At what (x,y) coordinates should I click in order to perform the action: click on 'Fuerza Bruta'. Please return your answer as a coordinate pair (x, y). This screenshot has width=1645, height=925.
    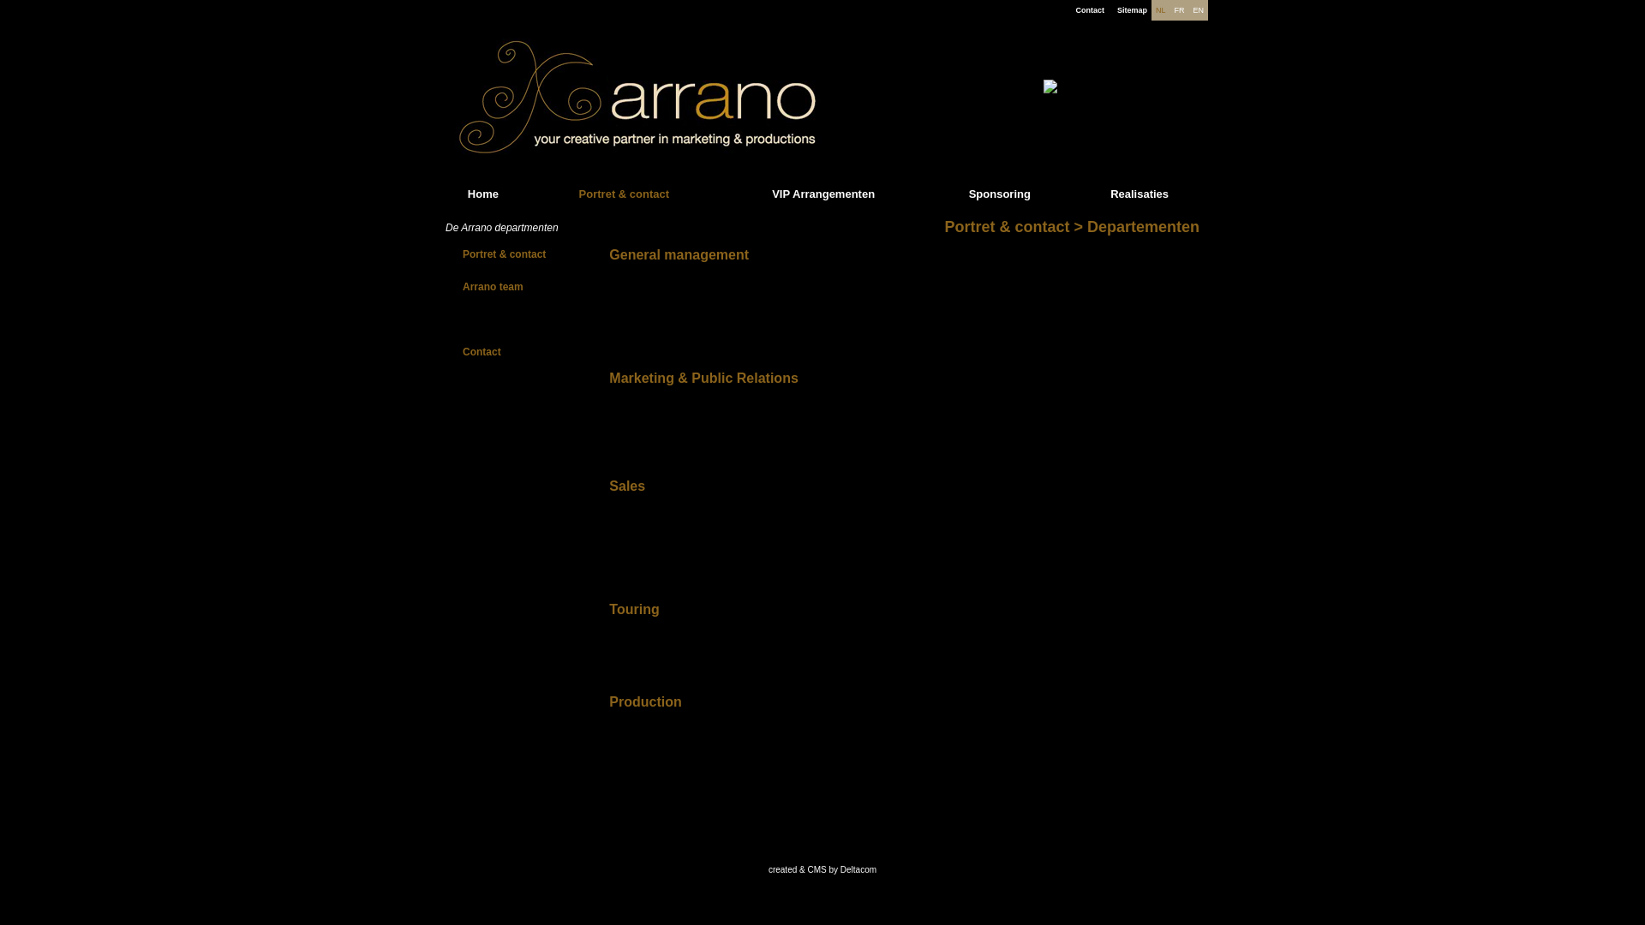
    Looking at the image, I should click on (1080, 95).